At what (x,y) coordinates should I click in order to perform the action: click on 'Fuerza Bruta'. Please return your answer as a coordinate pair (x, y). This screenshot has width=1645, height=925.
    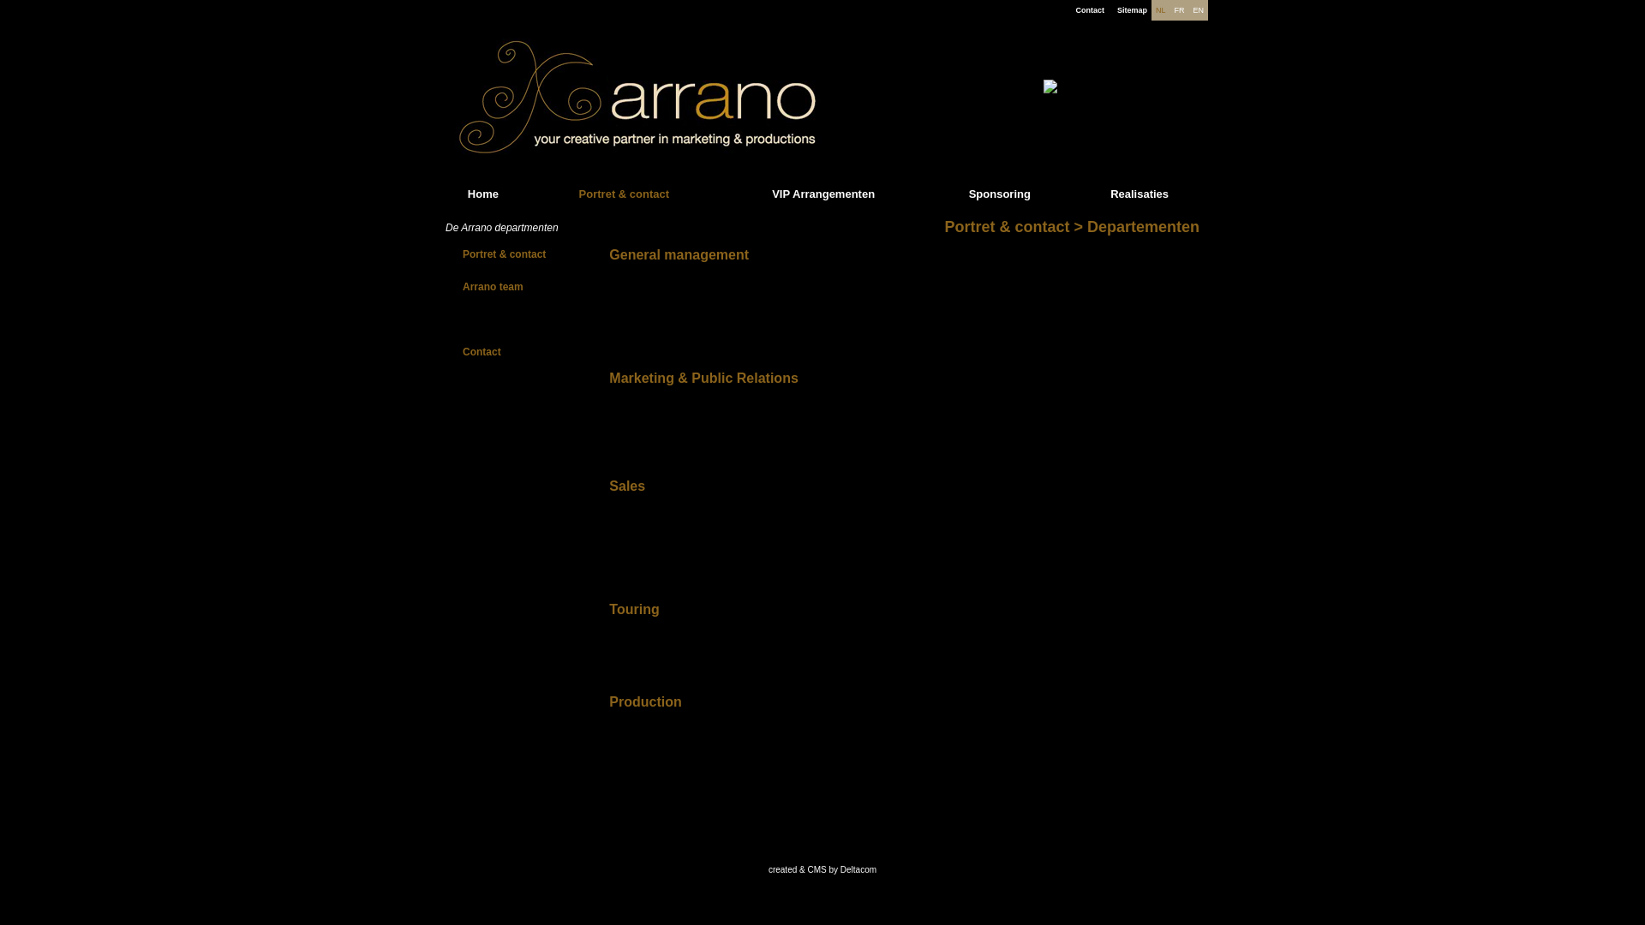
    Looking at the image, I should click on (1080, 95).